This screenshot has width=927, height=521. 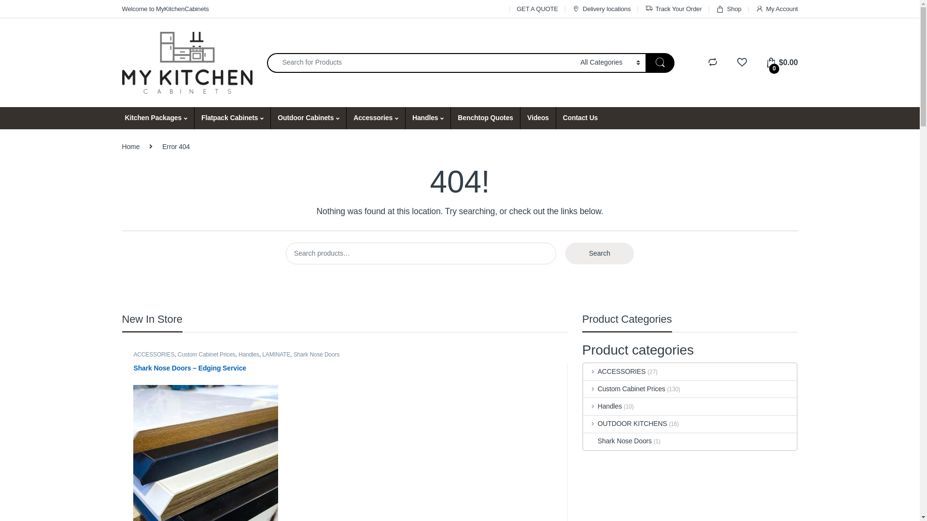 What do you see at coordinates (729, 9) in the screenshot?
I see `'Shop'` at bounding box center [729, 9].